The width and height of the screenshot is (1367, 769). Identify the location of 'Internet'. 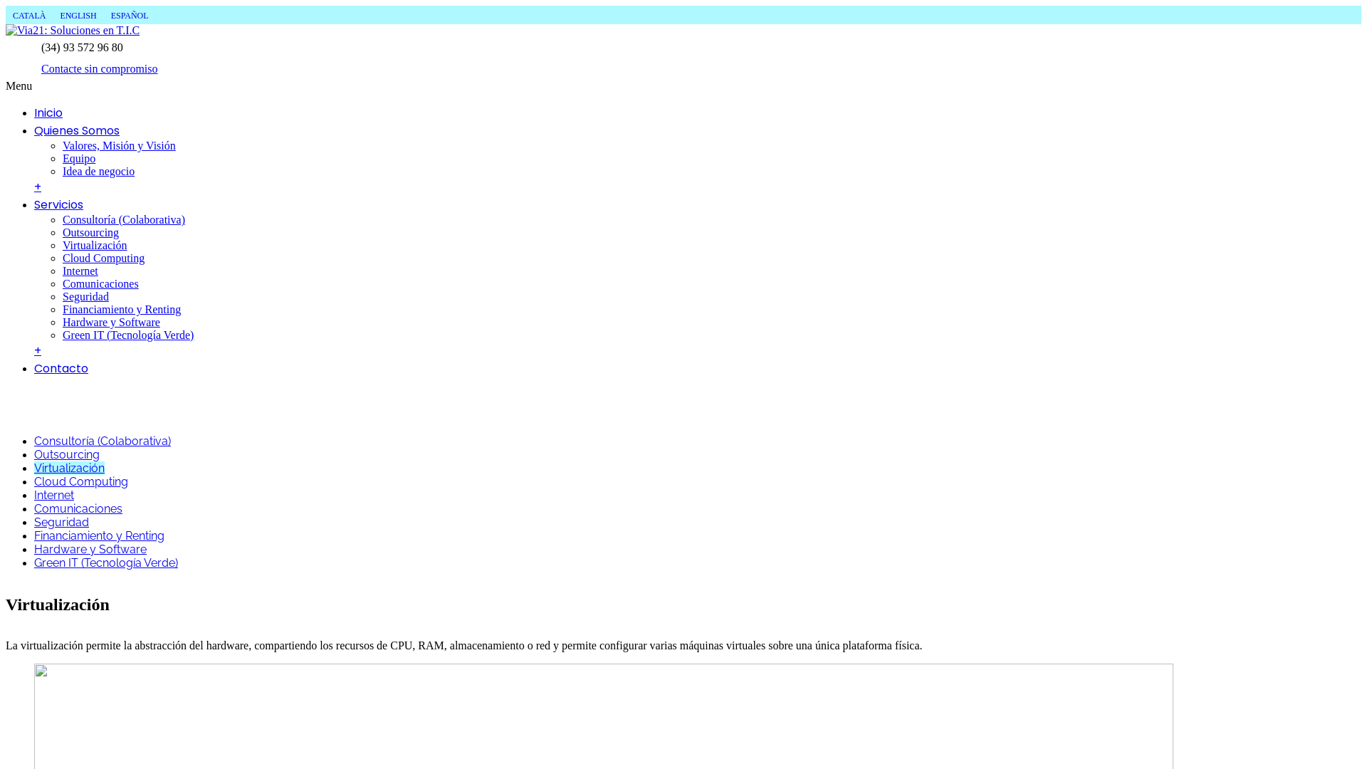
(80, 271).